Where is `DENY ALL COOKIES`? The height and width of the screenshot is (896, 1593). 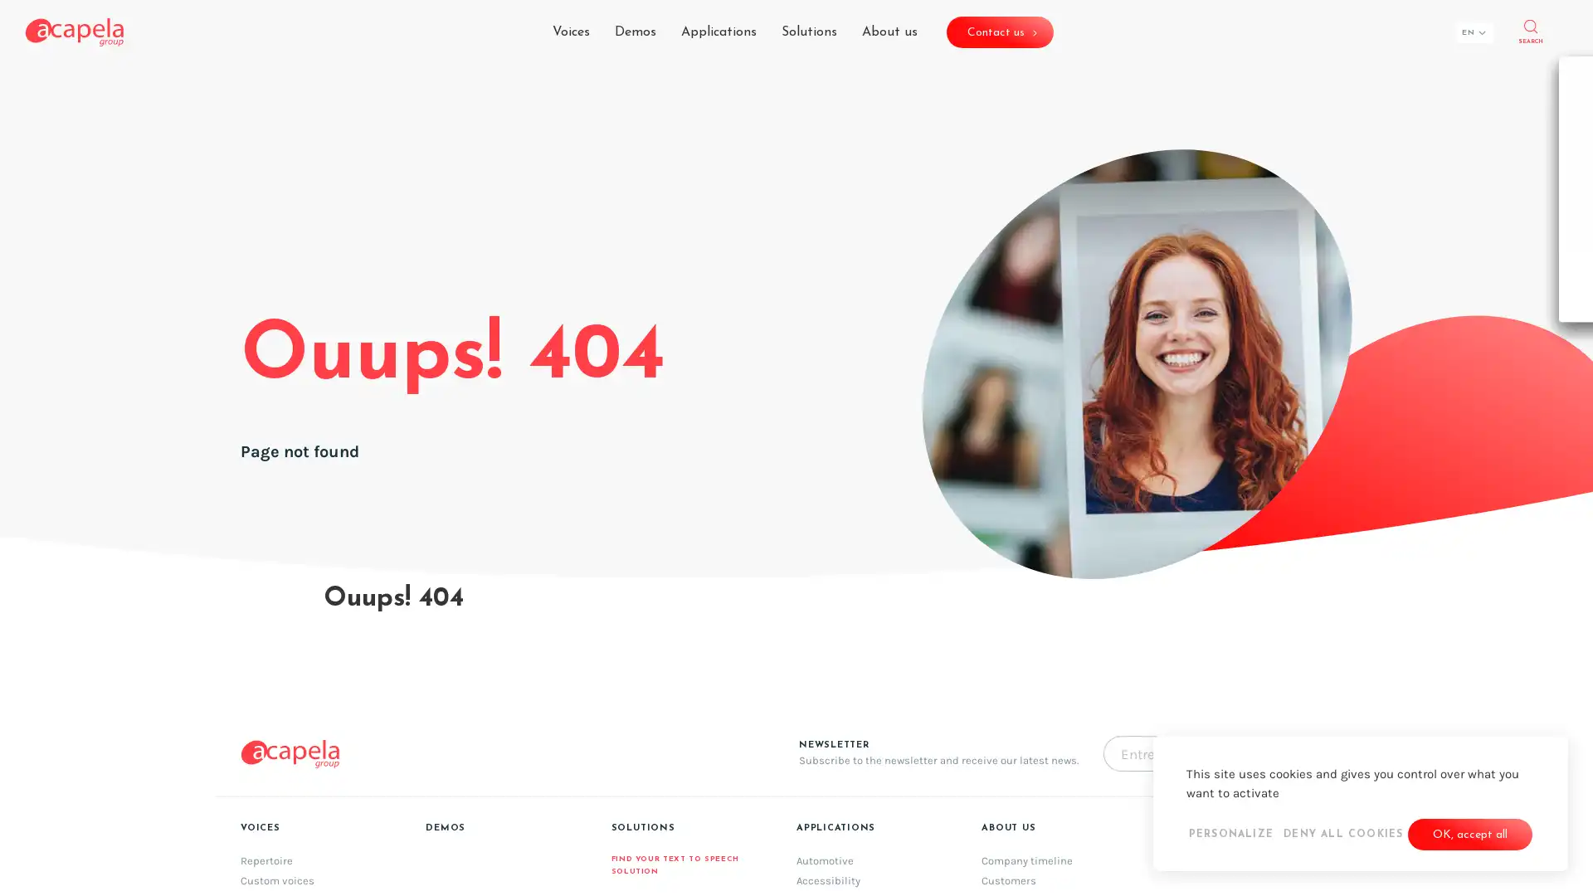 DENY ALL COOKIES is located at coordinates (1342, 835).